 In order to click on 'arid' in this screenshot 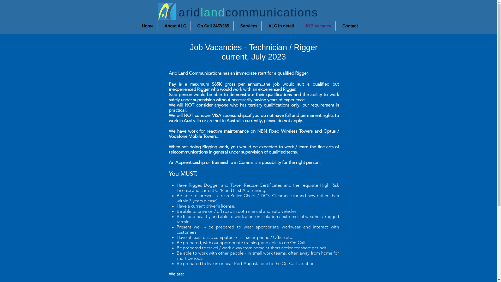, I will do `click(189, 12)`.